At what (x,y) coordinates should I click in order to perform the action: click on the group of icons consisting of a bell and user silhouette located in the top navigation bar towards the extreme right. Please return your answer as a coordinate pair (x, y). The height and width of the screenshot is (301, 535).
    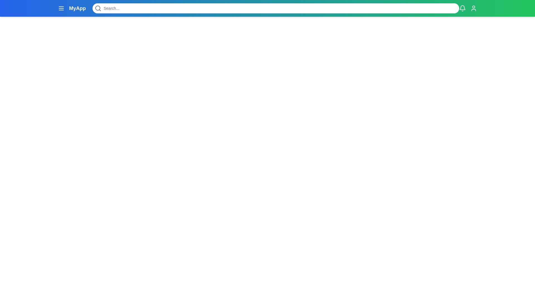
    Looking at the image, I should click on (468, 8).